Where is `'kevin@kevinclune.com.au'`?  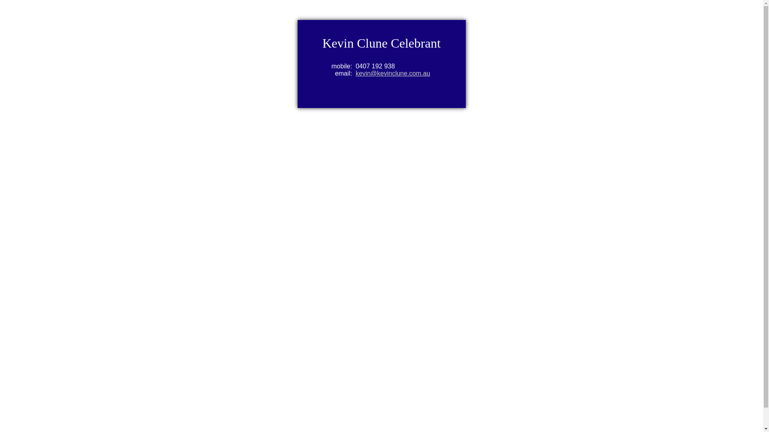
'kevin@kevinclune.com.au' is located at coordinates (355, 73).